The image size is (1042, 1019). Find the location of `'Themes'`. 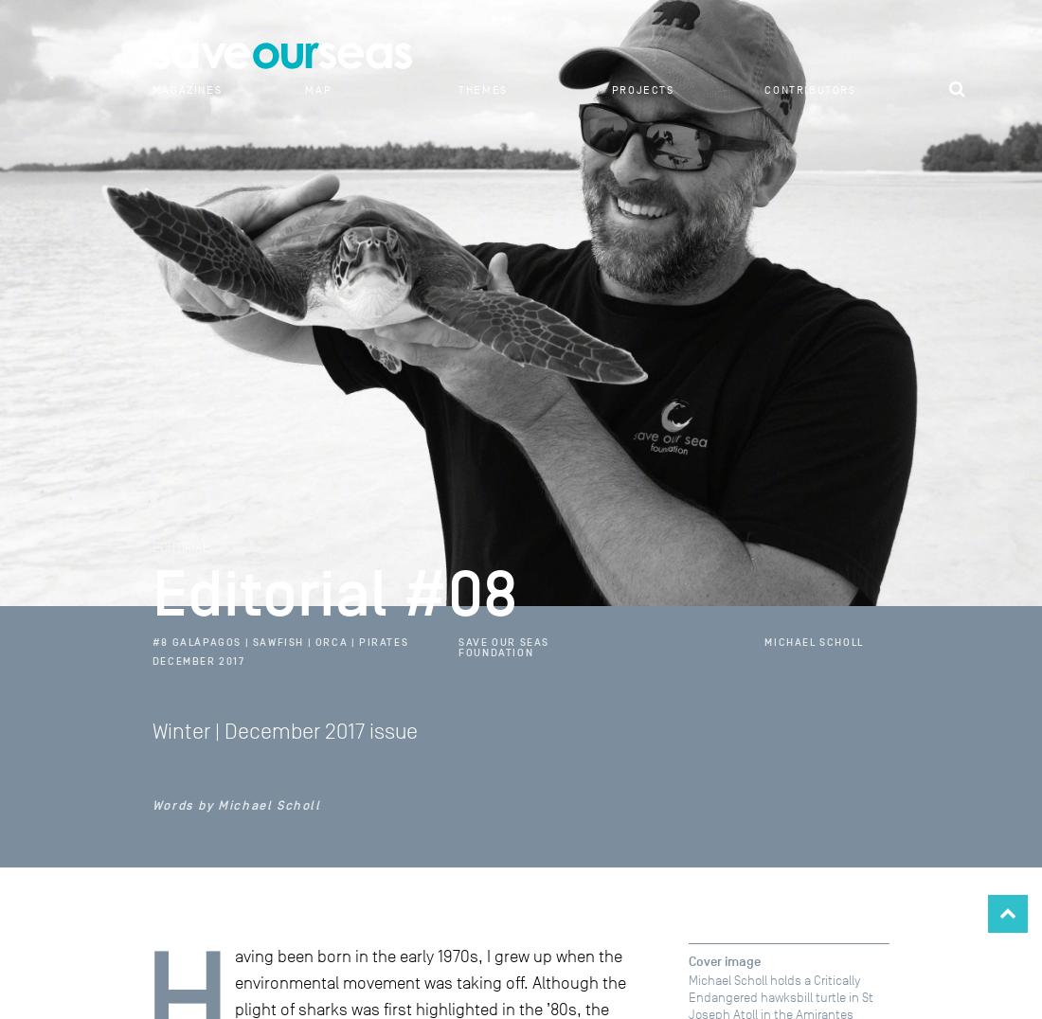

'Themes' is located at coordinates (482, 89).